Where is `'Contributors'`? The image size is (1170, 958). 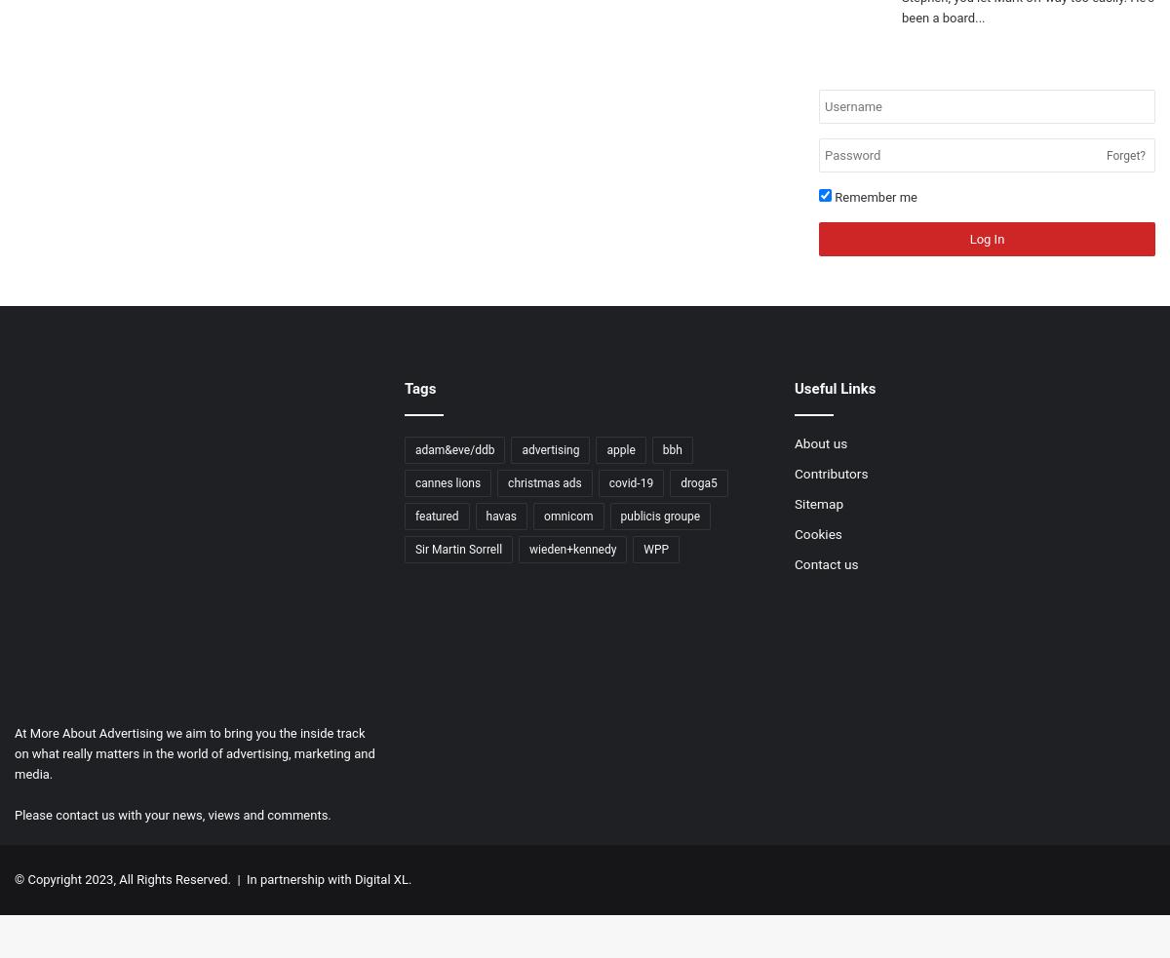 'Contributors' is located at coordinates (830, 472).